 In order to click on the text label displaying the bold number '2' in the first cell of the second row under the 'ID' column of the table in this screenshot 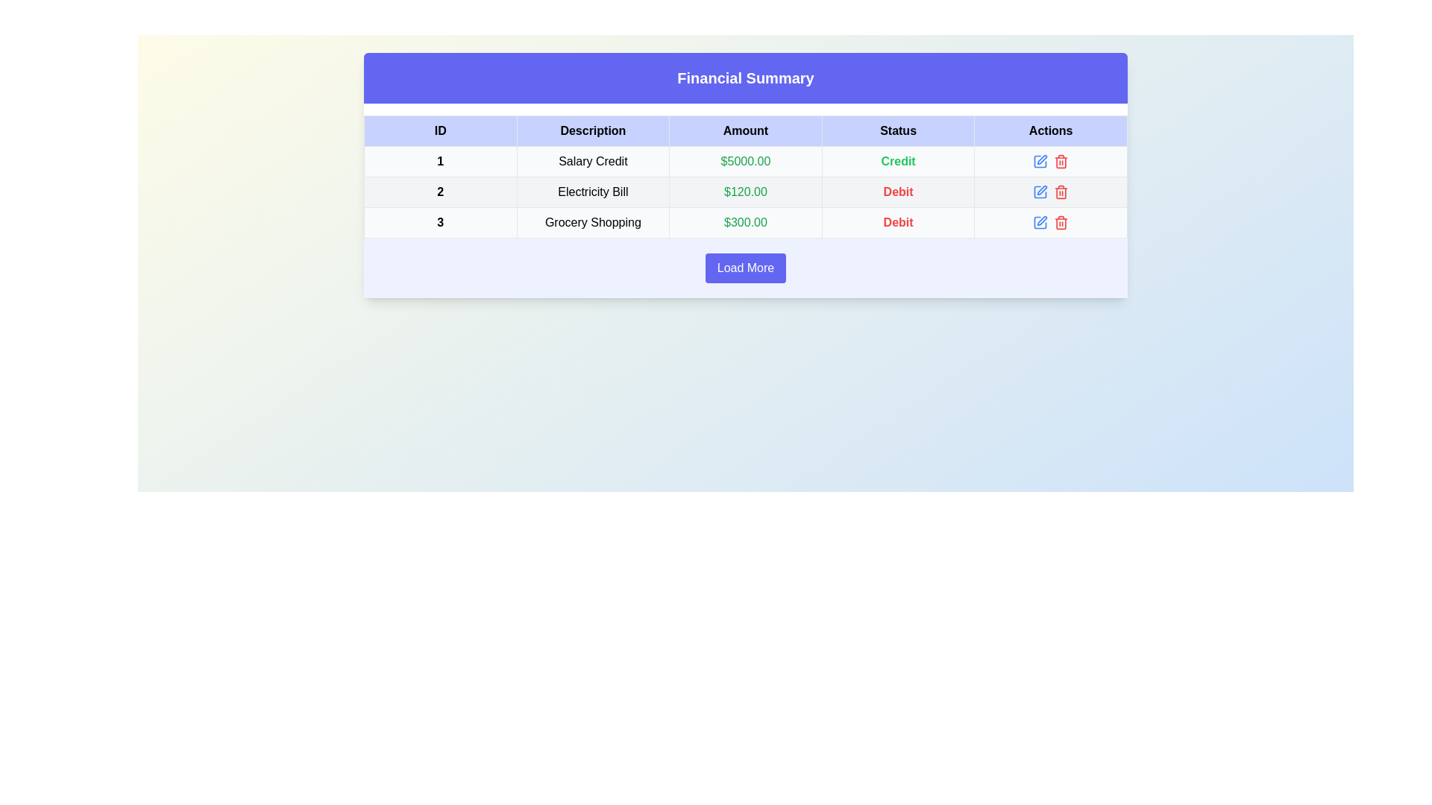, I will do `click(439, 192)`.